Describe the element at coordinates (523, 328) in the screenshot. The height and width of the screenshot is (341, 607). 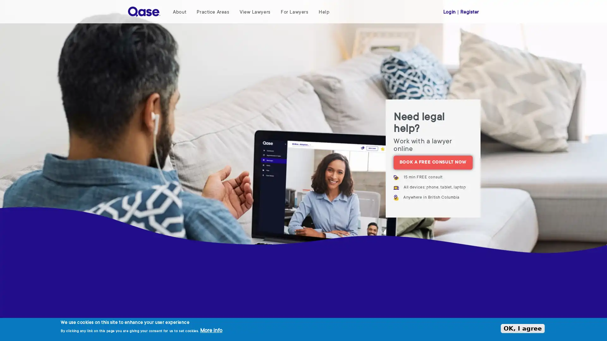
I see `OK, I agree` at that location.